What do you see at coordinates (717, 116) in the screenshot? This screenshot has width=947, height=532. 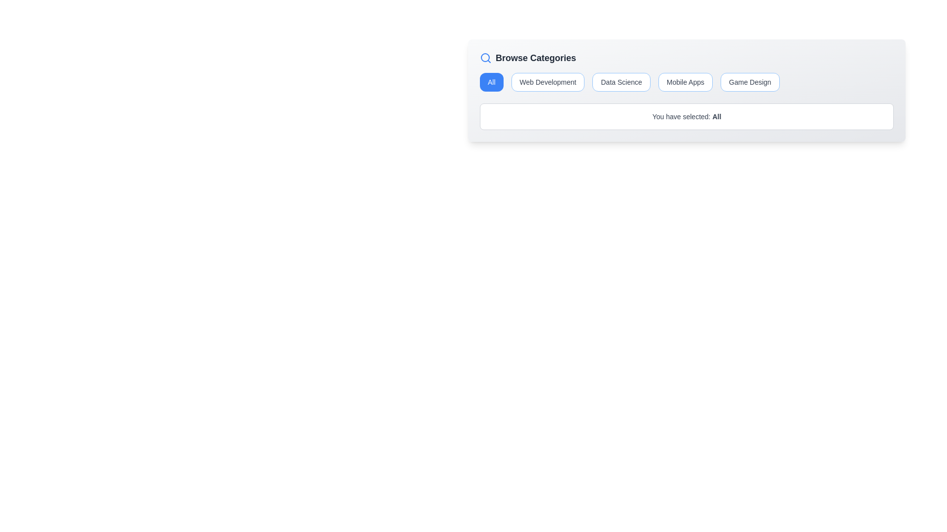 I see `the text label that displays 'All' in the message 'You have selected: All', which is located in the lower center of the interface` at bounding box center [717, 116].